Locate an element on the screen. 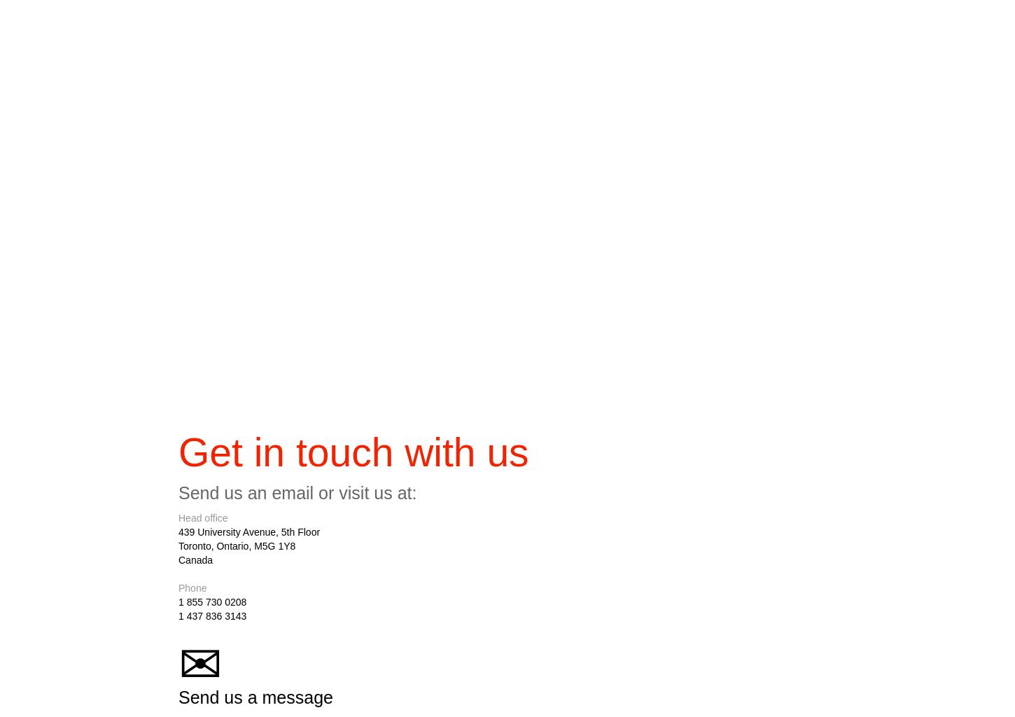 The height and width of the screenshot is (717, 1015). 'Canada' is located at coordinates (195, 563).